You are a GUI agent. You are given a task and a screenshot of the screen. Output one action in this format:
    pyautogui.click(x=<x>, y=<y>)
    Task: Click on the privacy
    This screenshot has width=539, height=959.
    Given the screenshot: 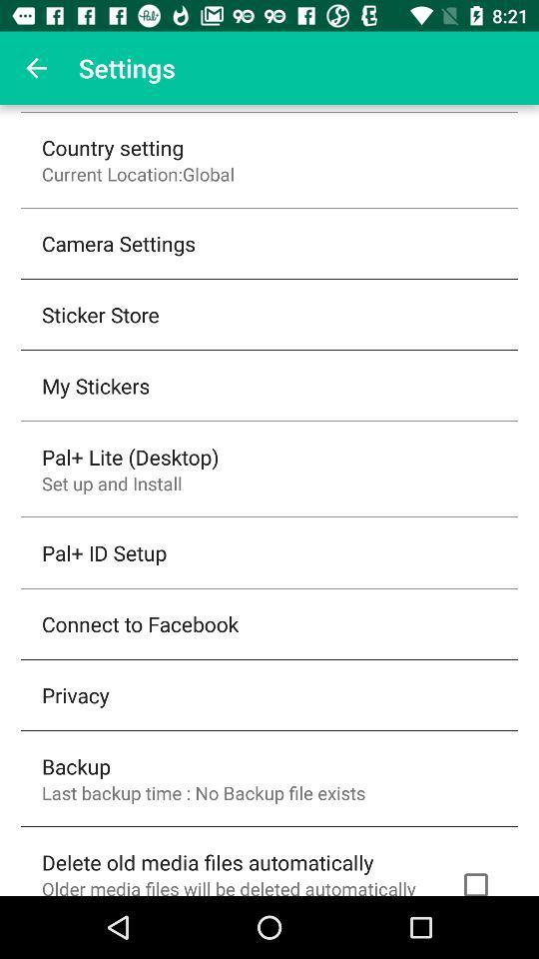 What is the action you would take?
    pyautogui.click(x=74, y=695)
    